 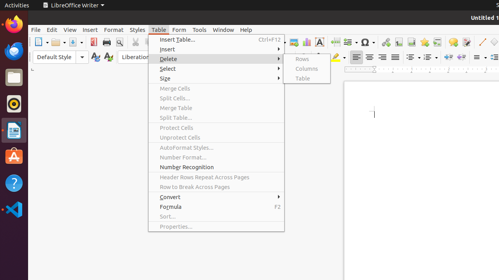 What do you see at coordinates (73, 5) in the screenshot?
I see `'LibreOffice Writer'` at bounding box center [73, 5].